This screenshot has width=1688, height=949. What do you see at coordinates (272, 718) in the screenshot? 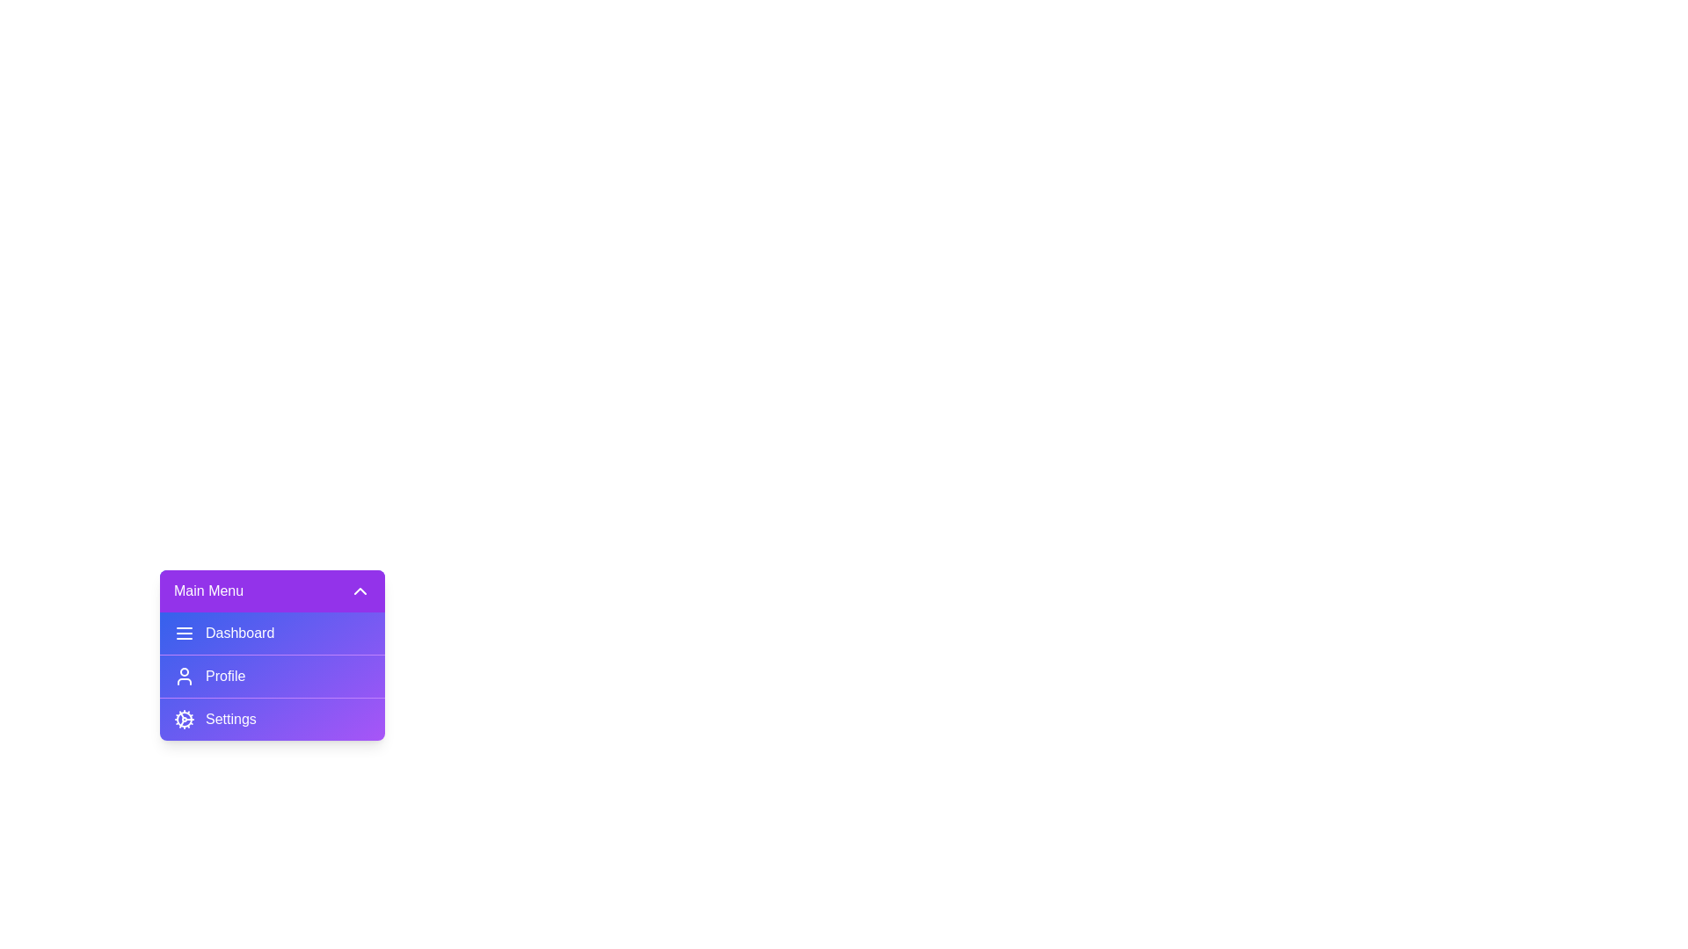
I see `the 'Settings' button, which is the third and bottommost item in a vertical list` at bounding box center [272, 718].